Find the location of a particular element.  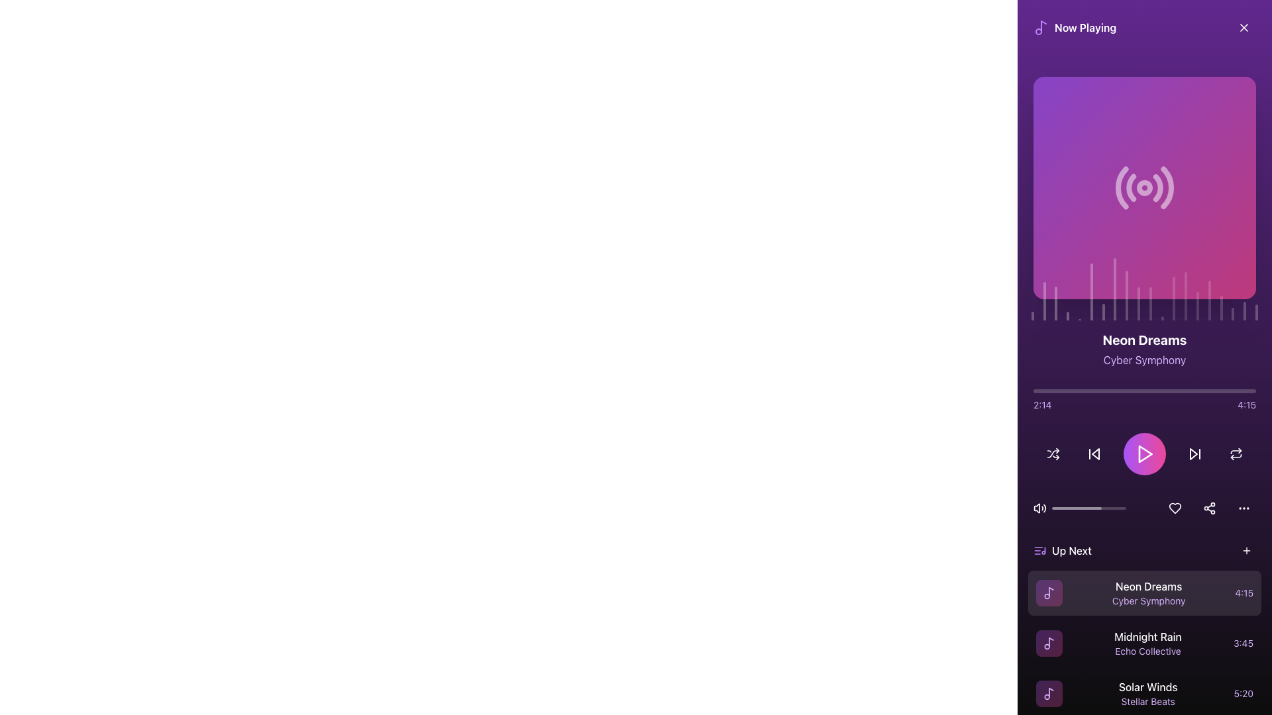

the ellipsis menu icon located in the bottom-right section of the media player interface is located at coordinates (1243, 507).